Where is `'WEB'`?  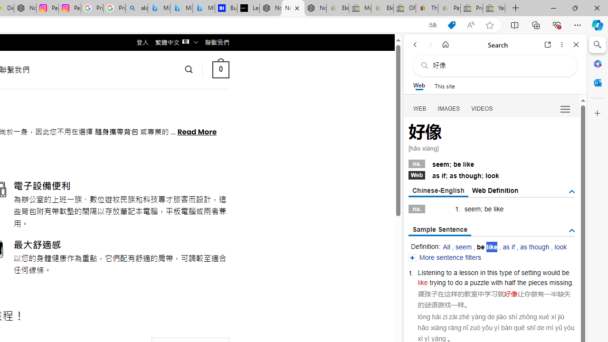 'WEB' is located at coordinates (419, 108).